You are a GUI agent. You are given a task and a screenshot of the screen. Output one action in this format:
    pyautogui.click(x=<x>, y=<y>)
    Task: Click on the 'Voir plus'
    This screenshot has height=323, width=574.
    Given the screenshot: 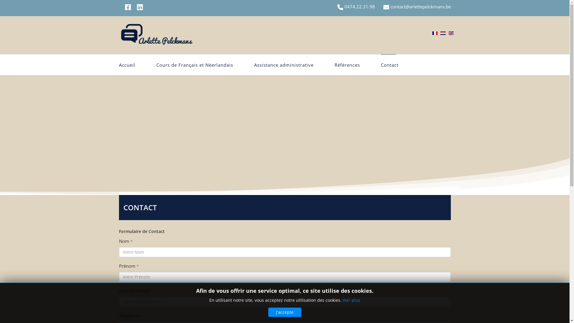 What is the action you would take?
    pyautogui.click(x=351, y=300)
    